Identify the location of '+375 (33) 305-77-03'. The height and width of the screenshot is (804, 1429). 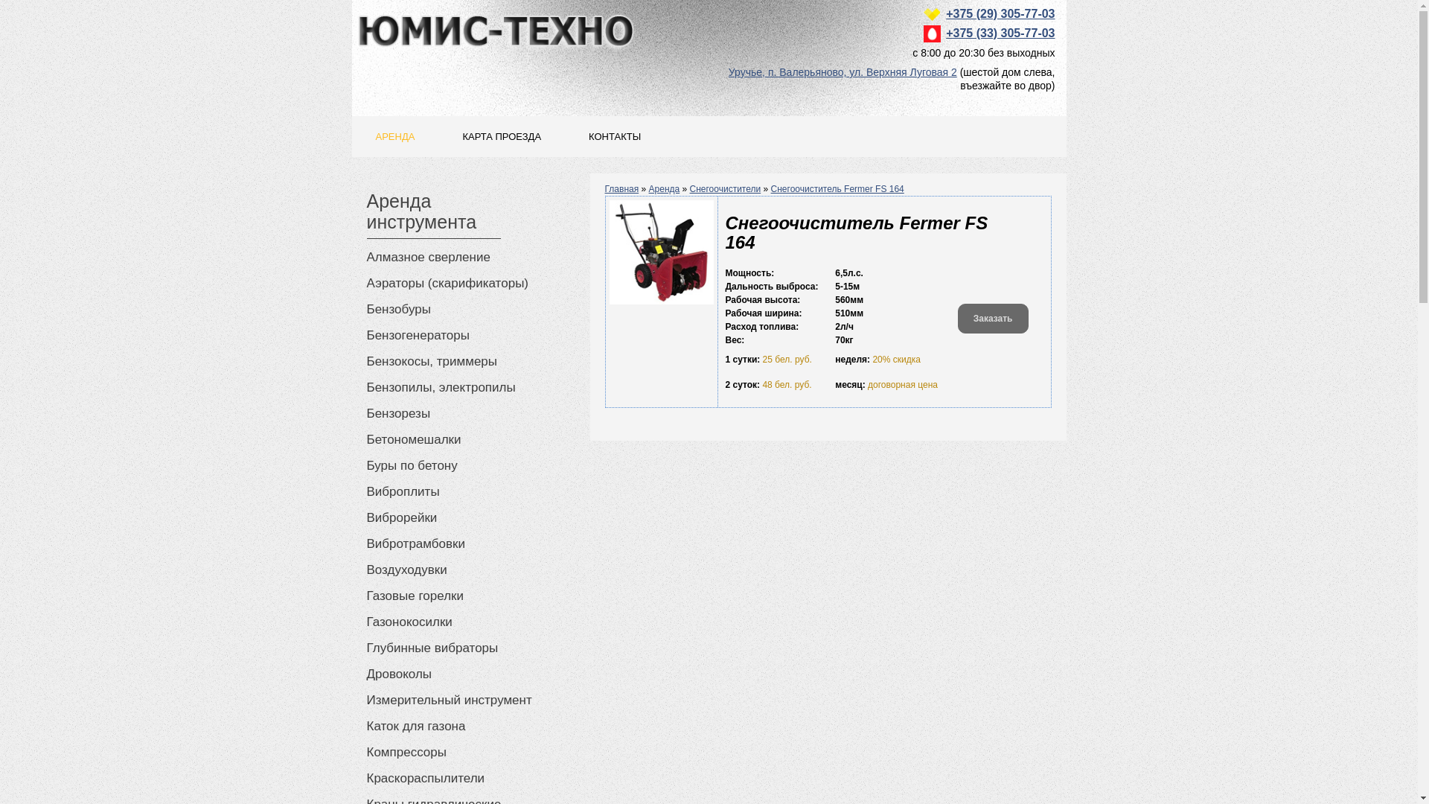
(1000, 33).